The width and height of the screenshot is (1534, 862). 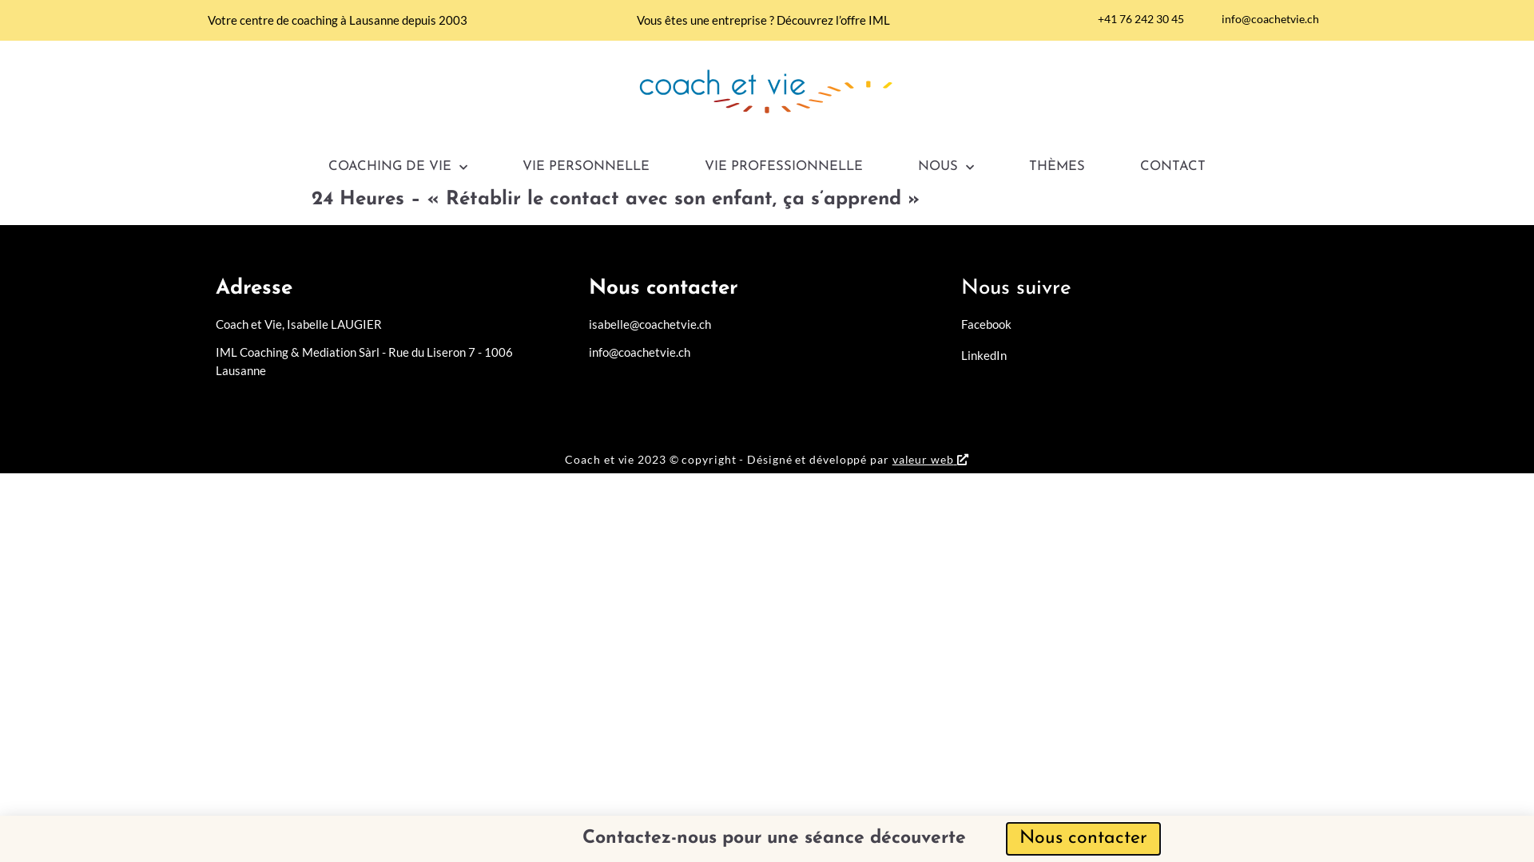 I want to click on 'COACHING DE VIE', so click(x=398, y=167).